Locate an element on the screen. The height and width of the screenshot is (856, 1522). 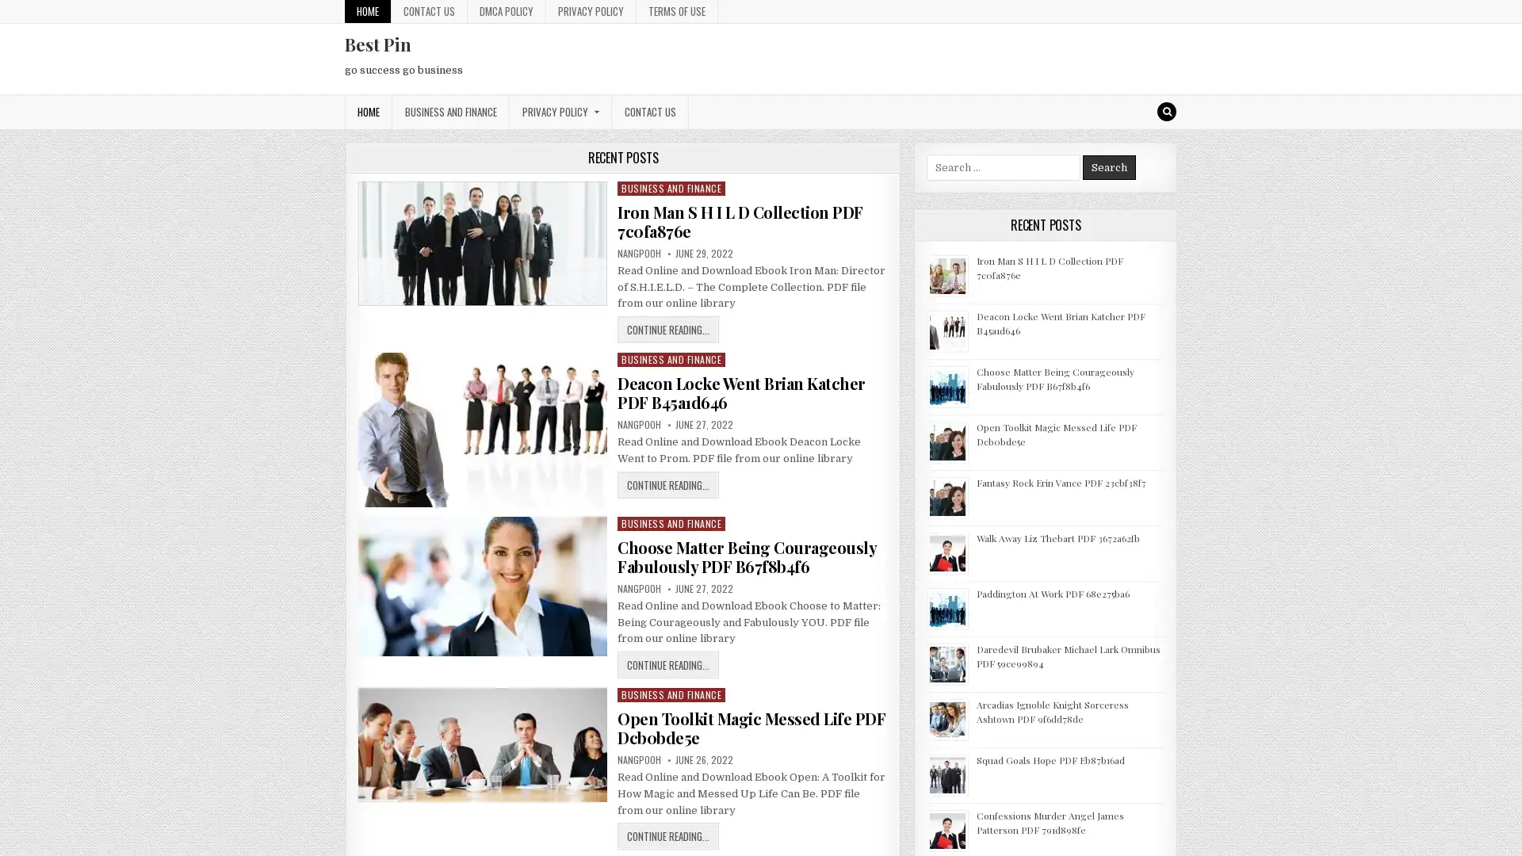
Search is located at coordinates (1108, 167).